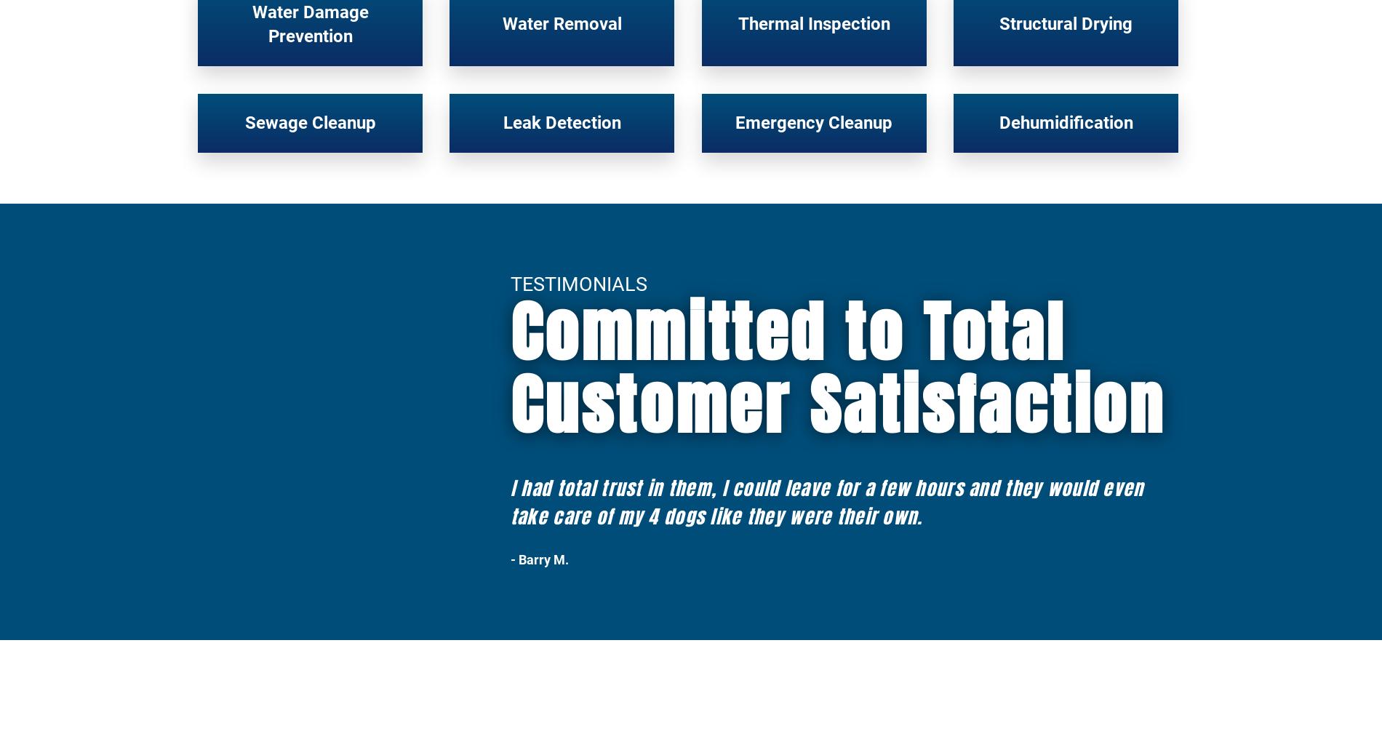  What do you see at coordinates (420, 527) in the screenshot?
I see `'Who We Work With'` at bounding box center [420, 527].